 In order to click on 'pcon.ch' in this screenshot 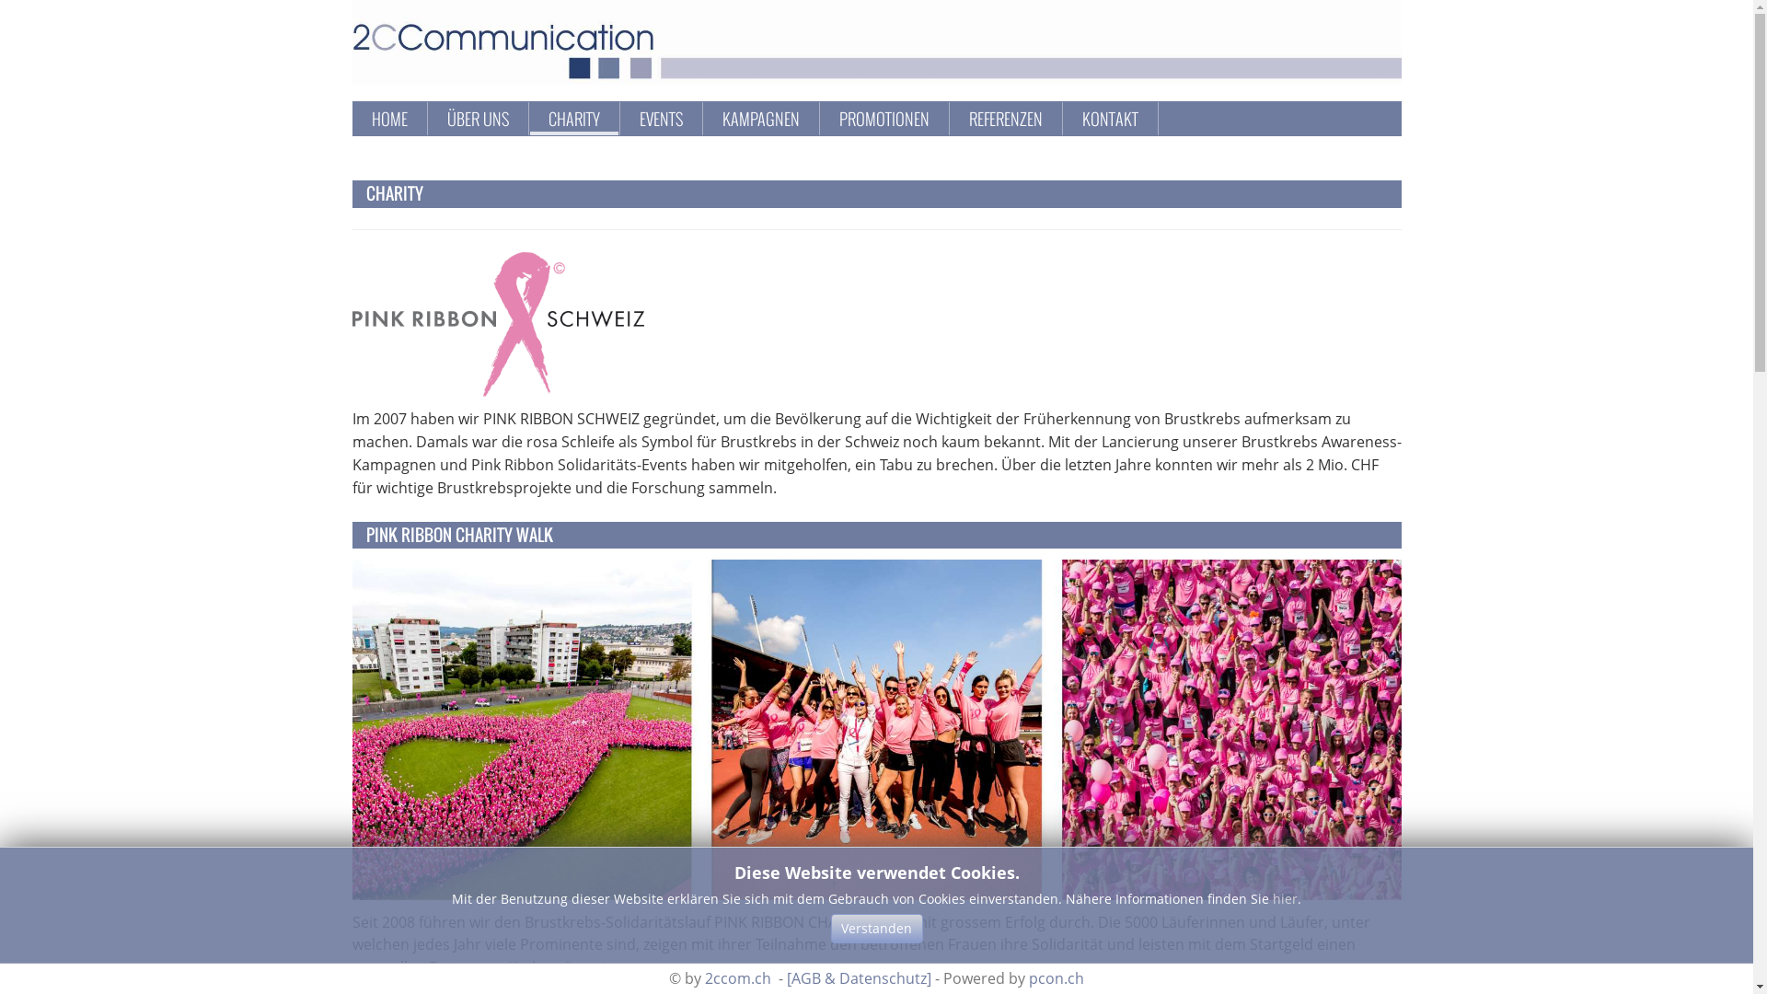, I will do `click(1056, 977)`.